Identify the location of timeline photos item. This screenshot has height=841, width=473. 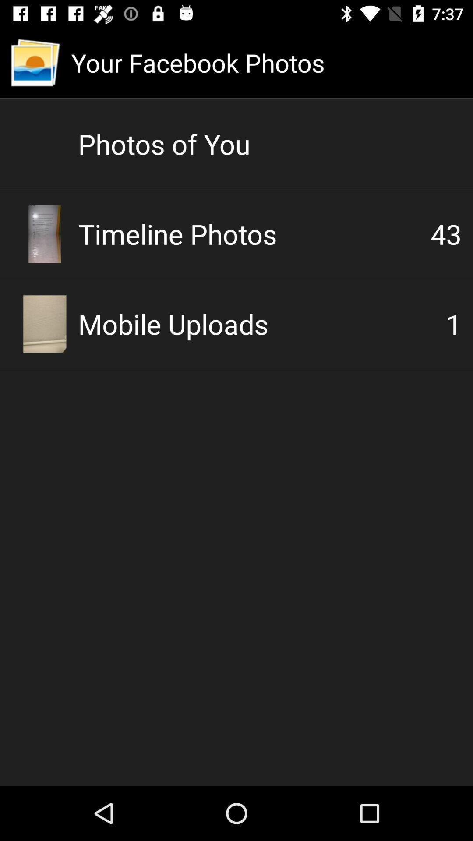
(254, 233).